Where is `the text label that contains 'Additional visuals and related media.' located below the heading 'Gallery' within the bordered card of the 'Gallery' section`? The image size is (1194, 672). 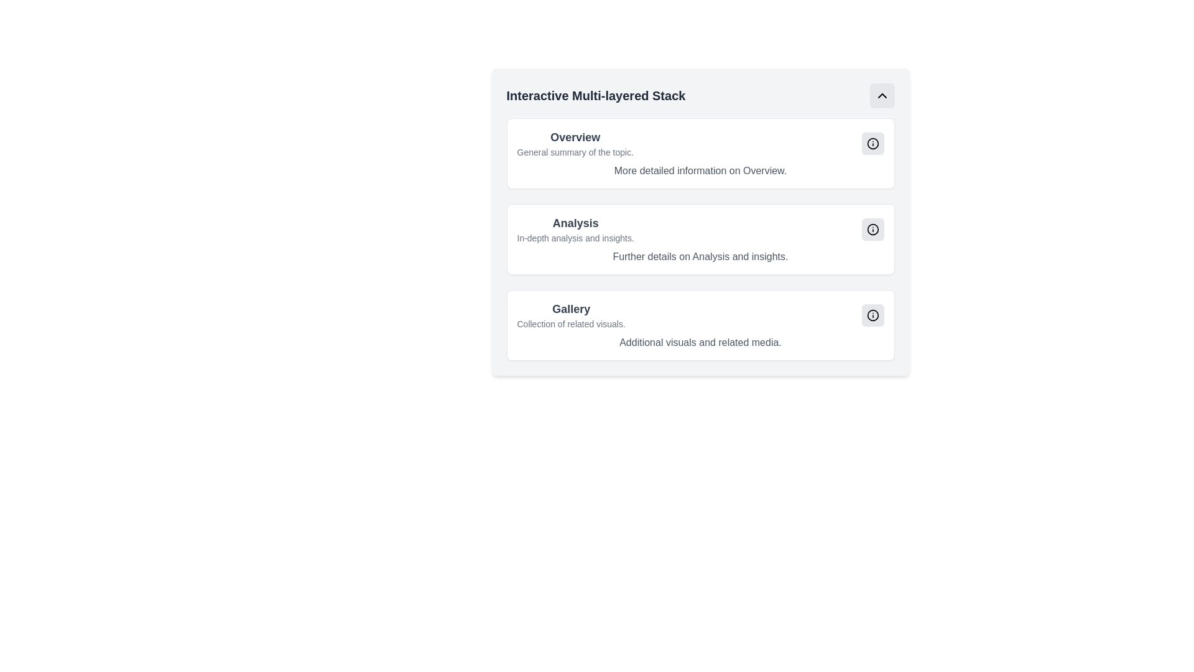 the text label that contains 'Additional visuals and related media.' located below the heading 'Gallery' within the bordered card of the 'Gallery' section is located at coordinates (700, 343).